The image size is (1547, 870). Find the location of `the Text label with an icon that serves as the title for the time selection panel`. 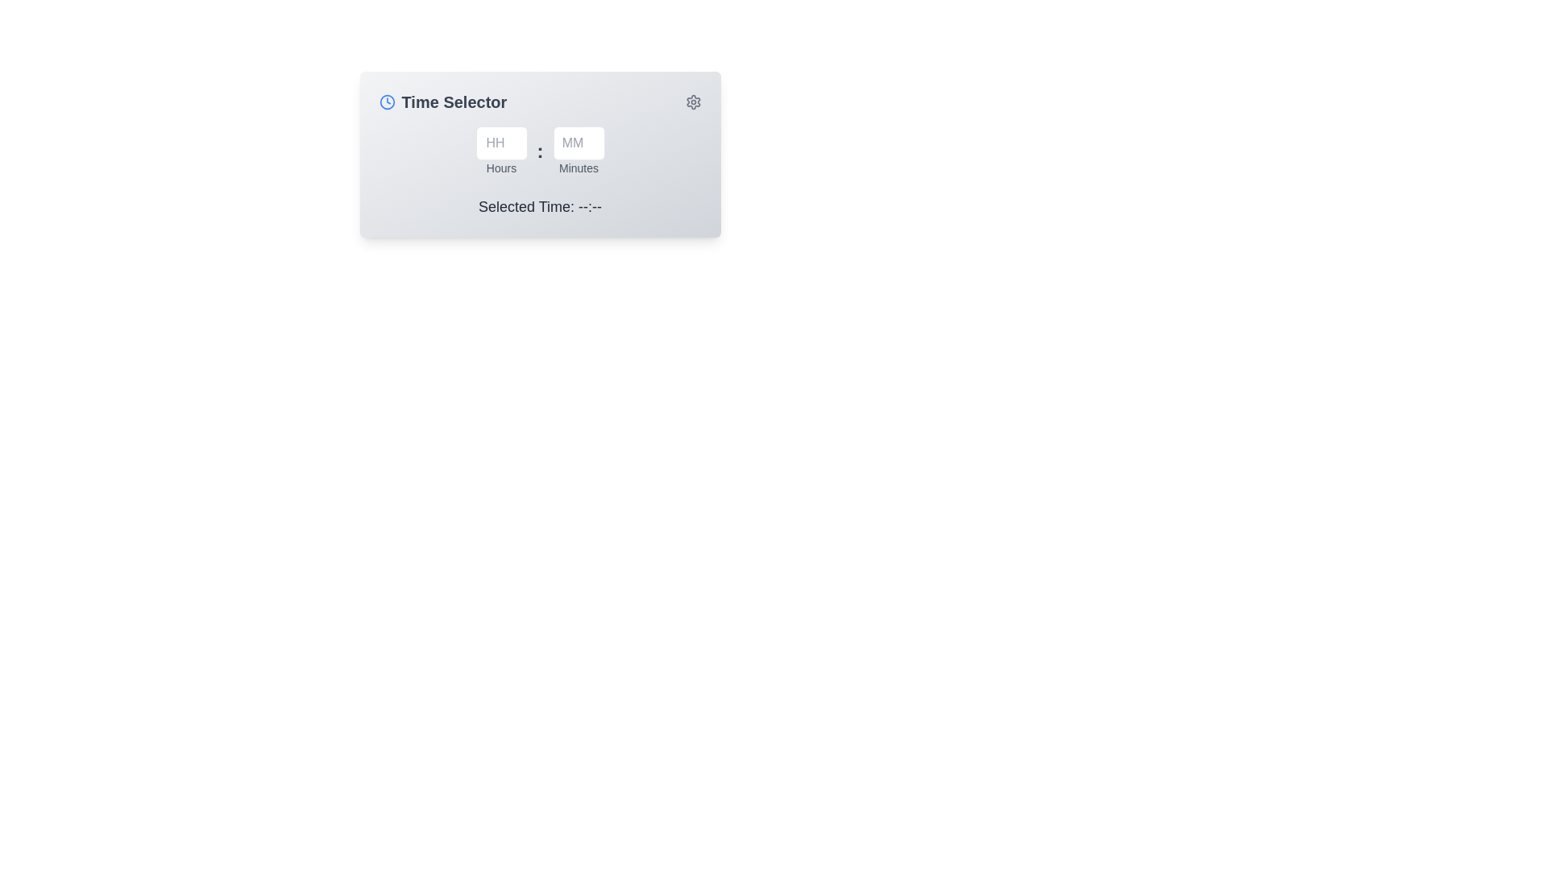

the Text label with an icon that serves as the title for the time selection panel is located at coordinates (442, 102).